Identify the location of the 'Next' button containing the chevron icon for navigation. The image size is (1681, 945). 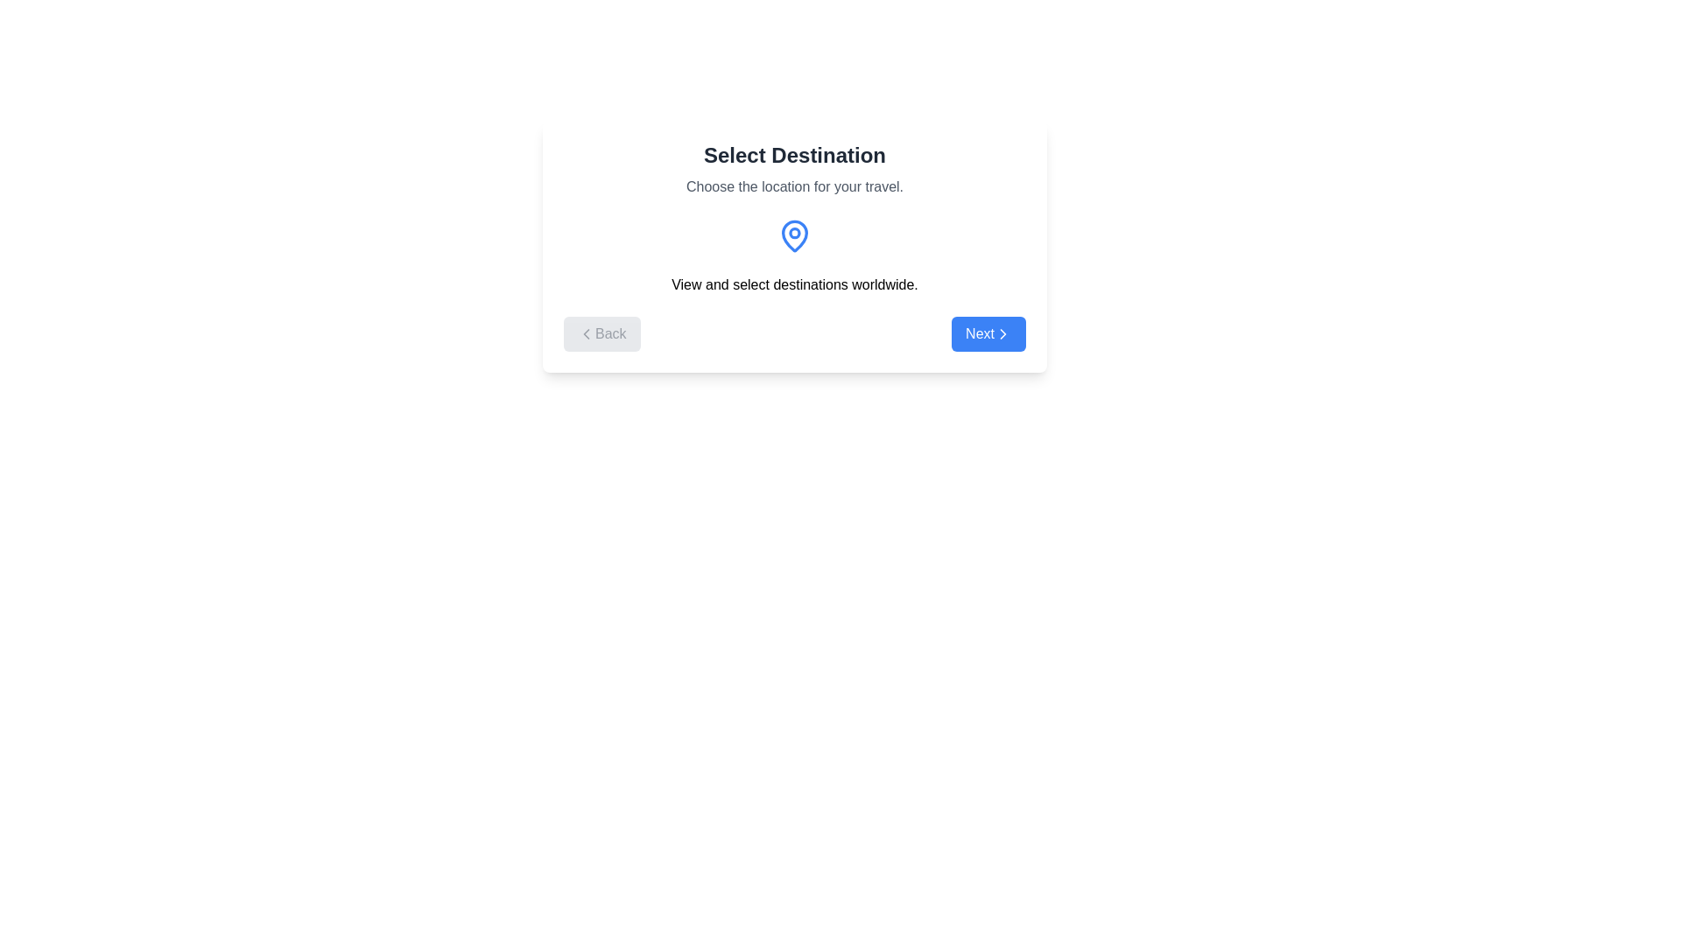
(1003, 333).